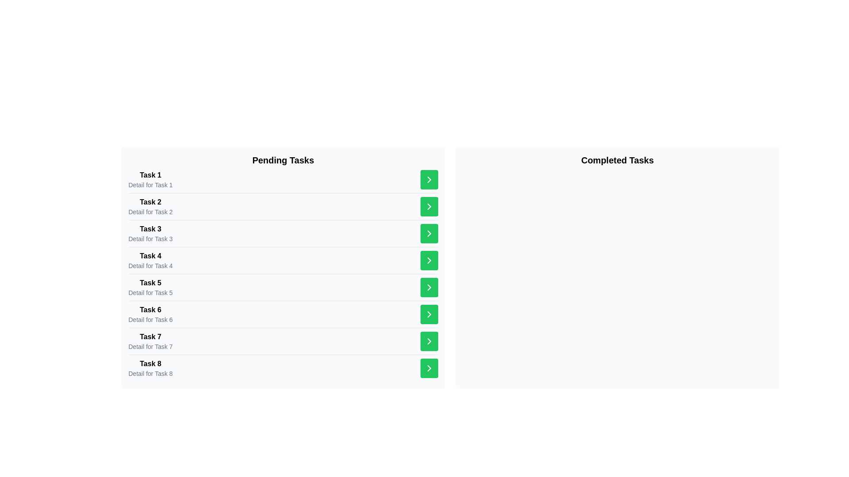 The image size is (849, 477). Describe the element at coordinates (150, 206) in the screenshot. I see `details of the task displayed in the Text block titled 'Task 2' located in the 'Pending Tasks' column, which occupies the second position in the vertical list` at that location.